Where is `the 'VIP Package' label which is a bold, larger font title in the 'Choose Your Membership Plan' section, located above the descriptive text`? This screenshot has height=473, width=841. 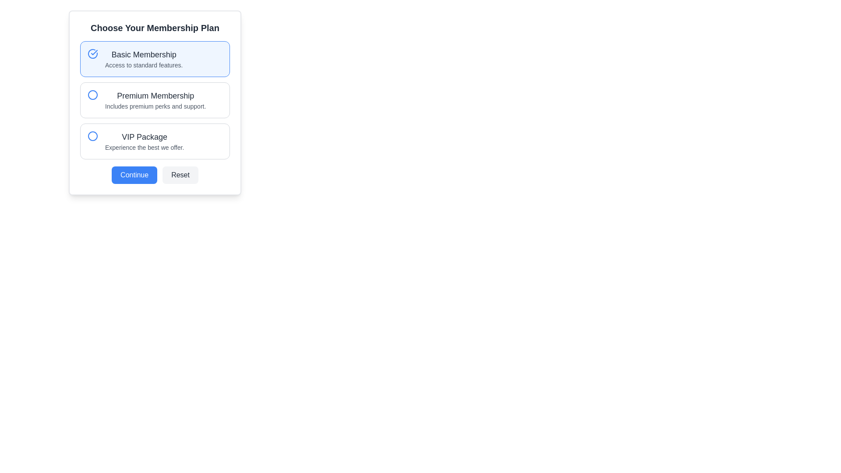 the 'VIP Package' label which is a bold, larger font title in the 'Choose Your Membership Plan' section, located above the descriptive text is located at coordinates (145, 137).